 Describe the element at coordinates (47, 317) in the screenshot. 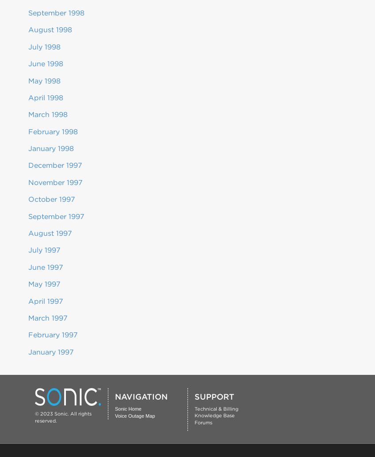

I see `'March 1997'` at that location.